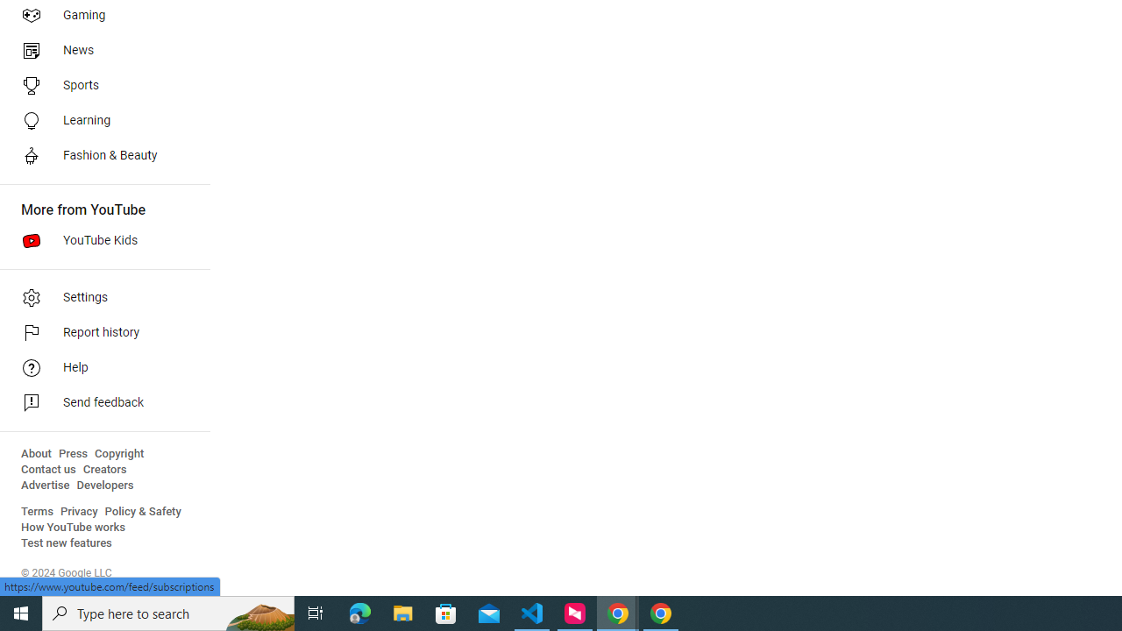  What do you see at coordinates (45, 486) in the screenshot?
I see `'Advertise'` at bounding box center [45, 486].